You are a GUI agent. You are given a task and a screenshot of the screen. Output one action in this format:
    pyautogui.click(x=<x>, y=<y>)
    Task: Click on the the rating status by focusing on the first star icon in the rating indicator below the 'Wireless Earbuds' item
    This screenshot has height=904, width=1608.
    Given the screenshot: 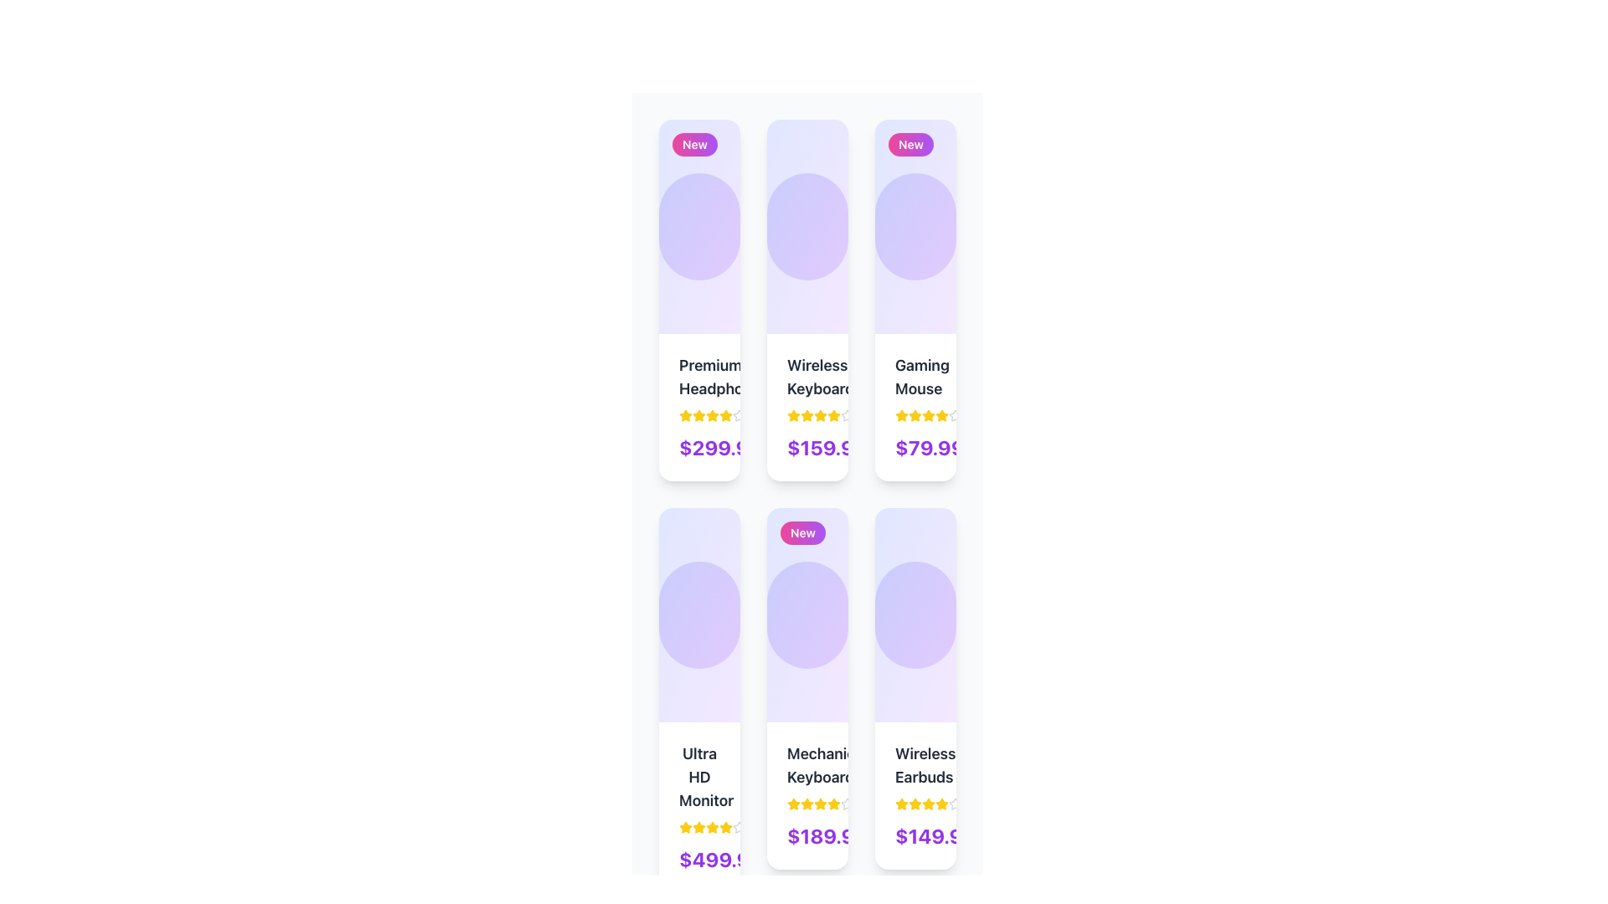 What is the action you would take?
    pyautogui.click(x=900, y=803)
    